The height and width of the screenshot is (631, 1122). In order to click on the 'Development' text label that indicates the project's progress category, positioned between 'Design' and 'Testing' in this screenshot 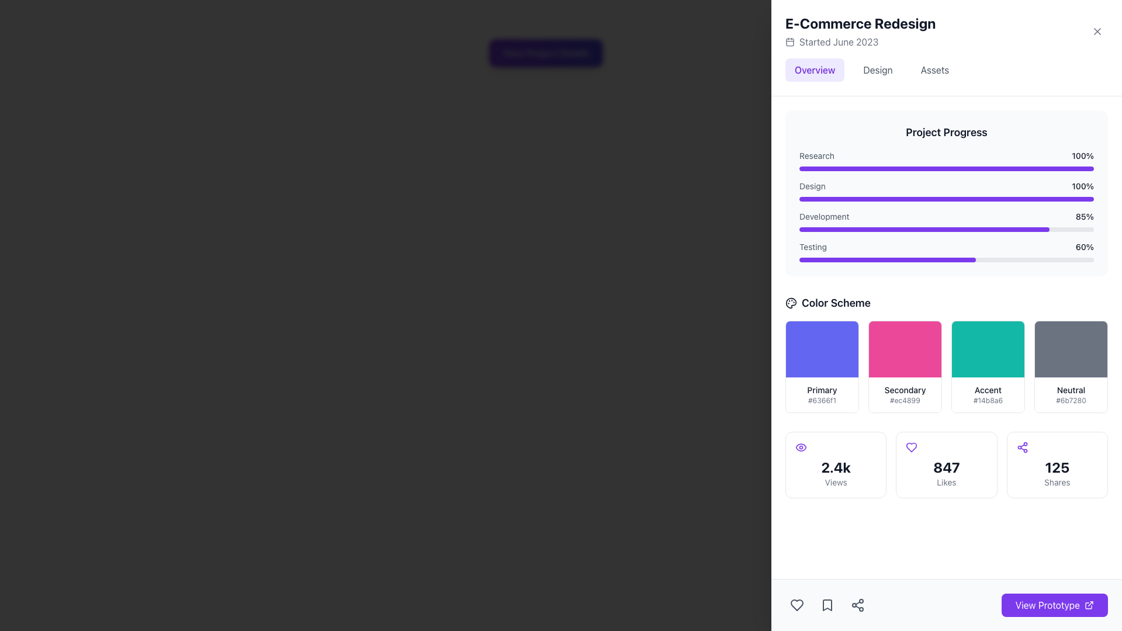, I will do `click(823, 216)`.